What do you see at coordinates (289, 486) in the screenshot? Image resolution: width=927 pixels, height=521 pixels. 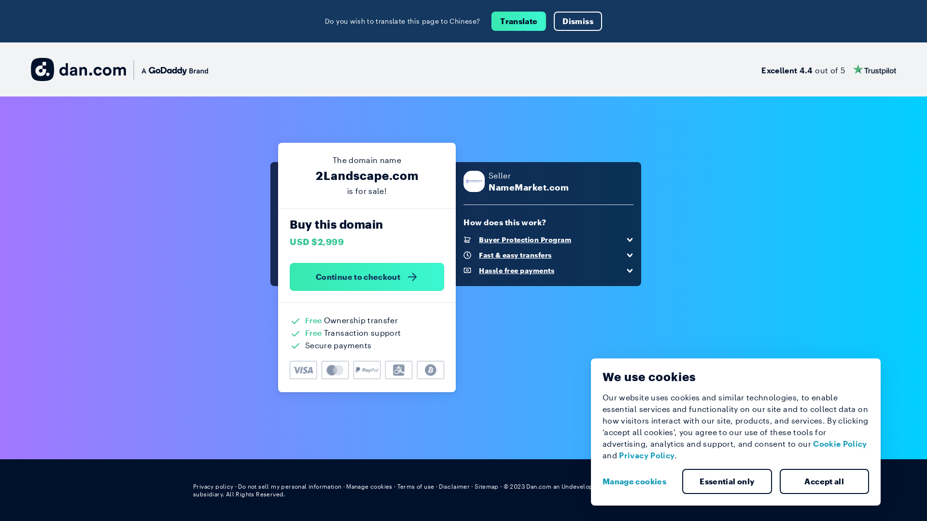 I see `'Do not sell my personal information'` at bounding box center [289, 486].